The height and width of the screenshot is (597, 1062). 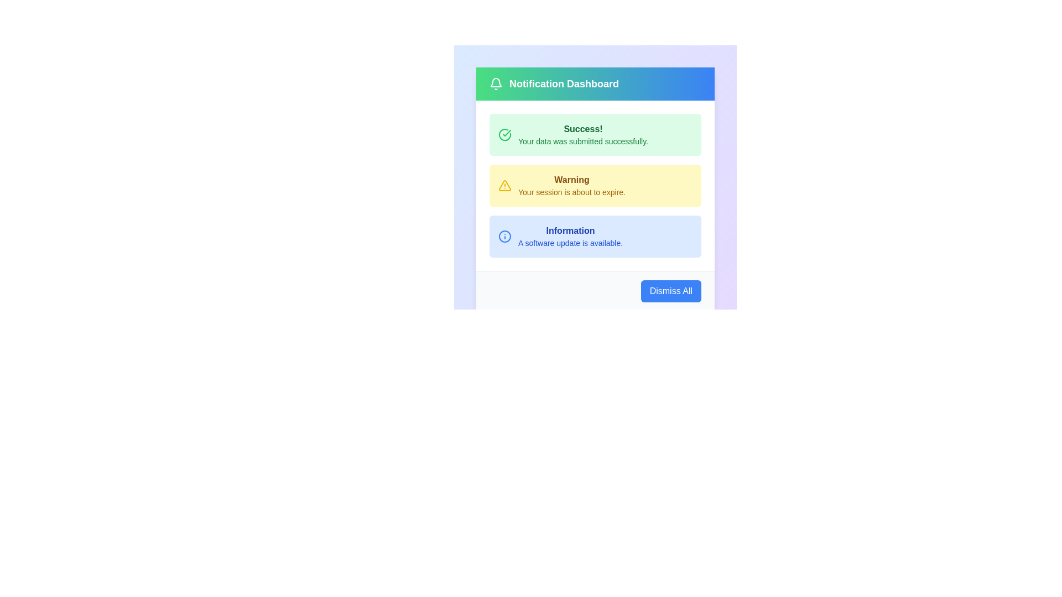 What do you see at coordinates (670, 291) in the screenshot?
I see `the 'Dismiss All' button, which is a rectangular button with a bright blue background and white text, located in the bottom-right corner of the notification layout` at bounding box center [670, 291].